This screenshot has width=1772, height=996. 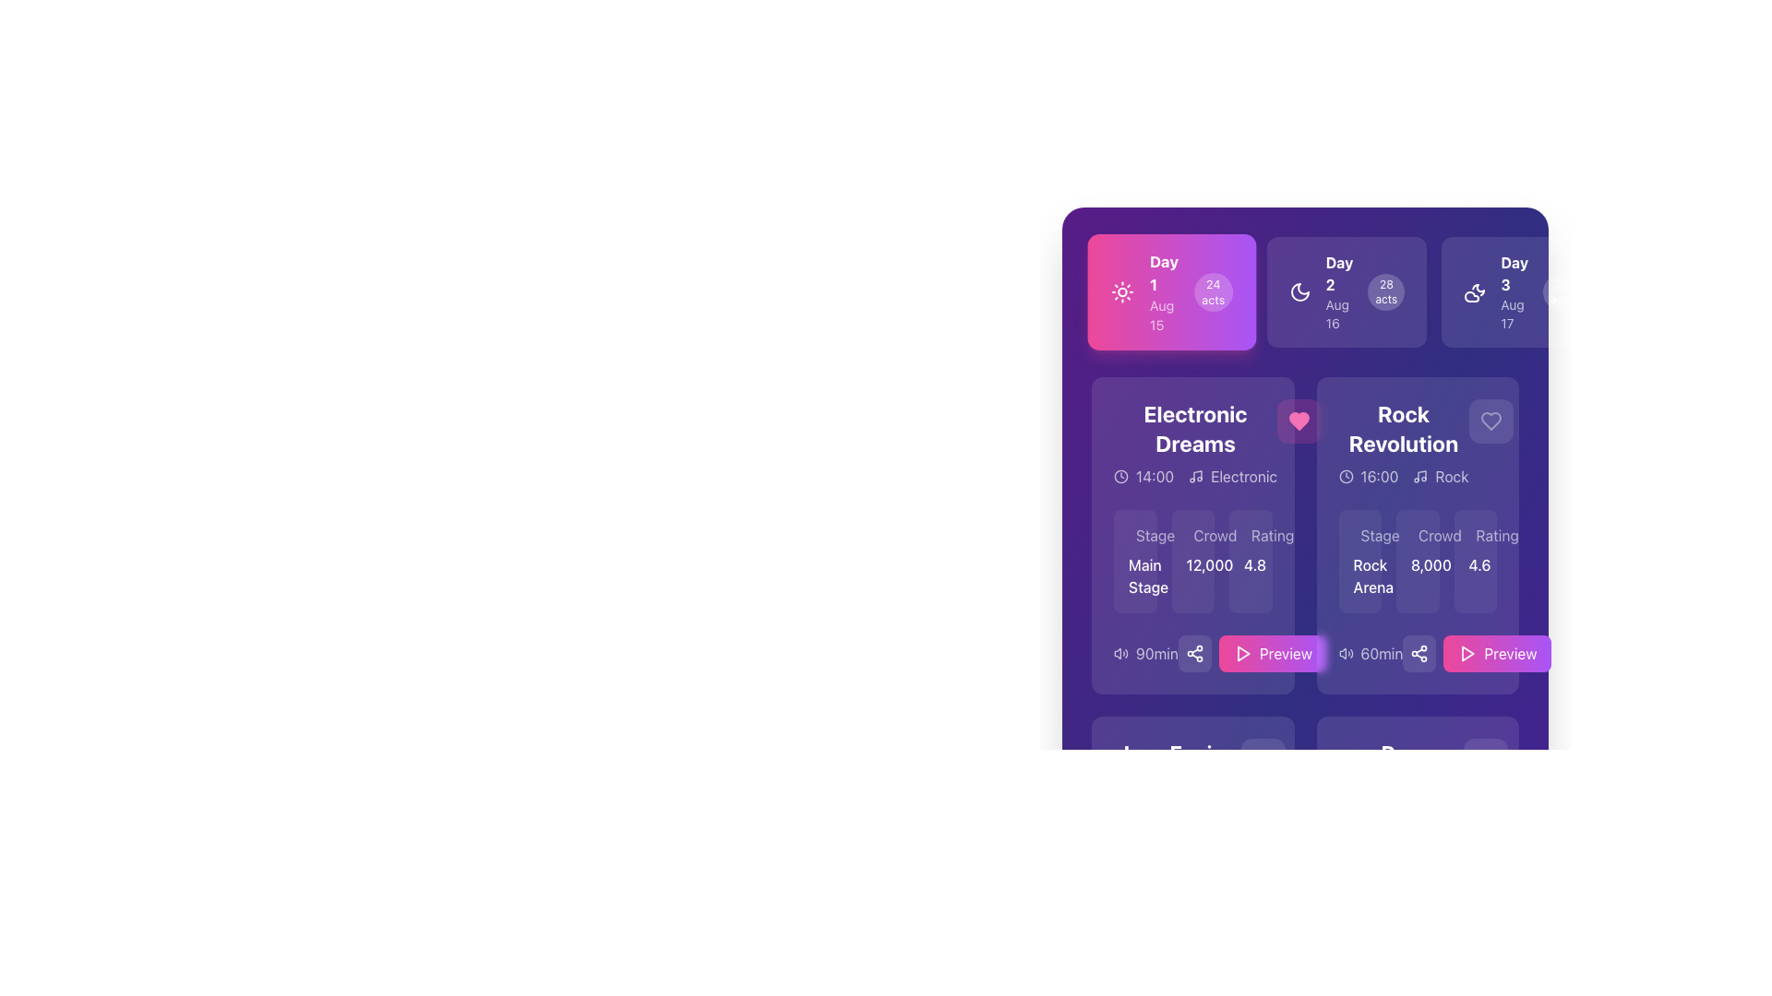 I want to click on the 'Electronic Dreams' event card located at the top left section of the grid to access more options, so click(x=1192, y=536).